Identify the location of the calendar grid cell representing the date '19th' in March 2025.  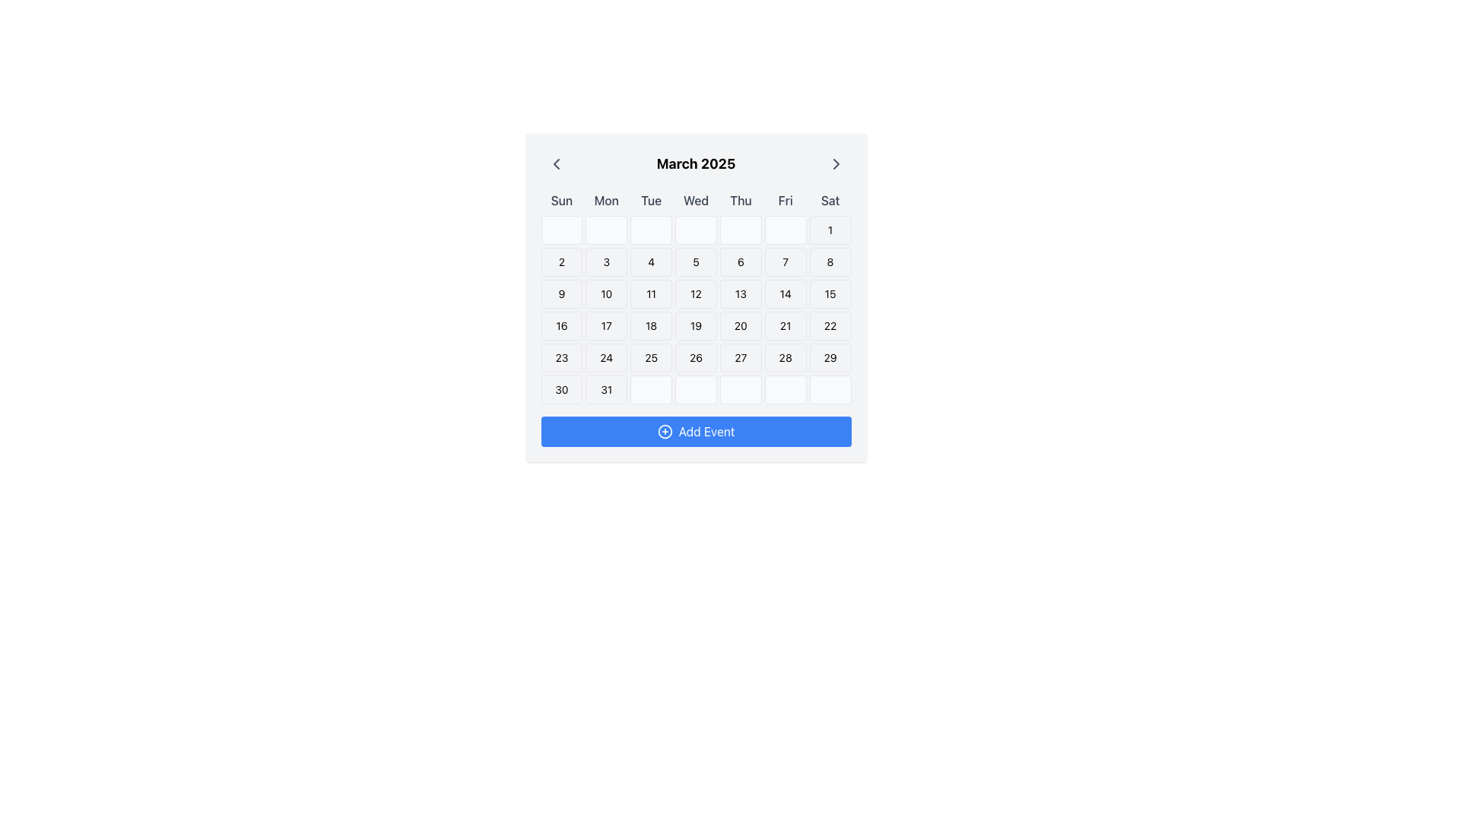
(695, 325).